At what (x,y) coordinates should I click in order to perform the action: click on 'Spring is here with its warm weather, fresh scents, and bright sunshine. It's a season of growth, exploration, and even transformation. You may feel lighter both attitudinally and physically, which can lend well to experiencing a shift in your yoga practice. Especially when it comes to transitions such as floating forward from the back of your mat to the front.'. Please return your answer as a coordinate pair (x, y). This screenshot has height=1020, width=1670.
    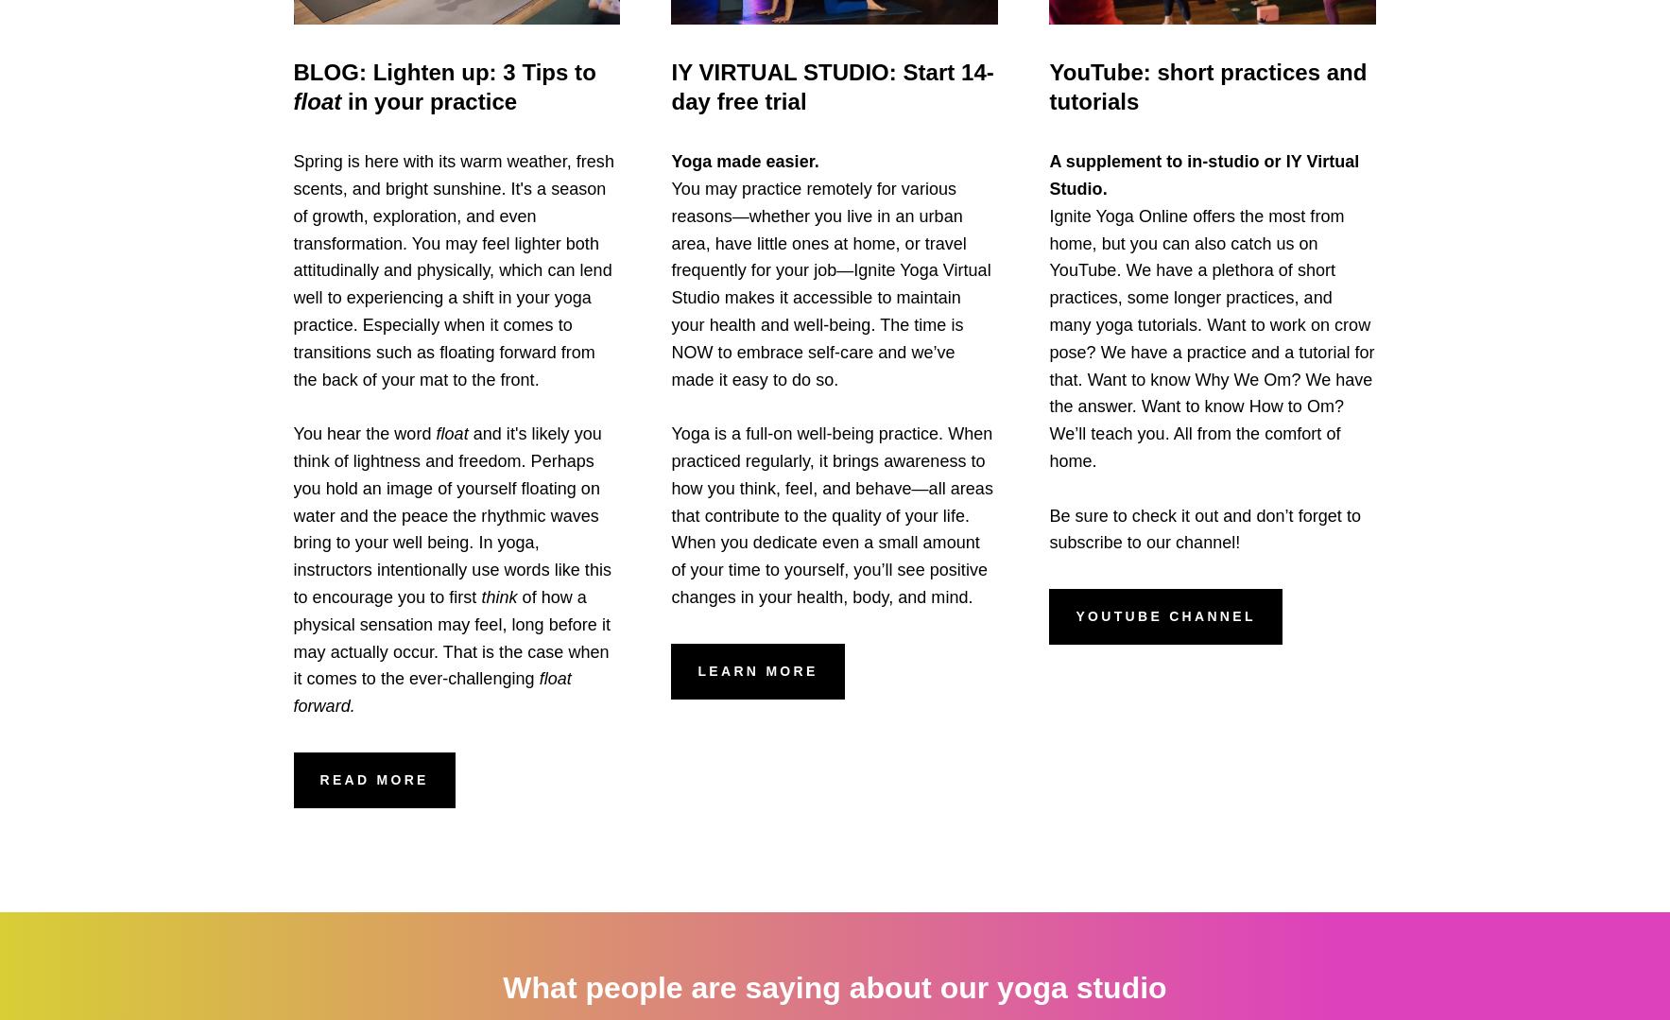
    Looking at the image, I should click on (453, 270).